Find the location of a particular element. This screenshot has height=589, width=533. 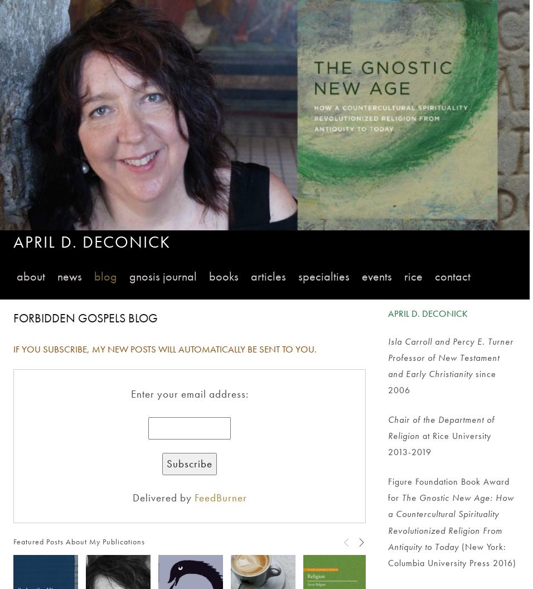

'Enter your email address:' is located at coordinates (188, 393).